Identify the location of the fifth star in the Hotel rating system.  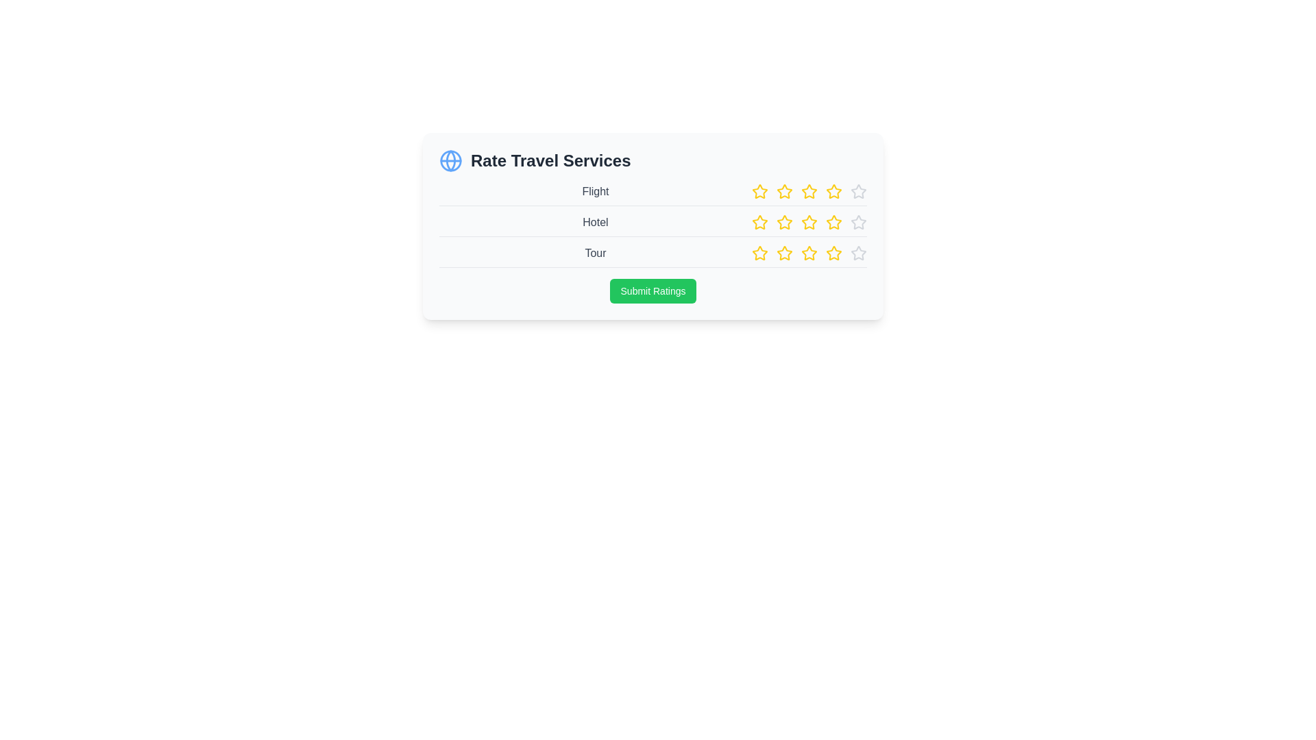
(857, 221).